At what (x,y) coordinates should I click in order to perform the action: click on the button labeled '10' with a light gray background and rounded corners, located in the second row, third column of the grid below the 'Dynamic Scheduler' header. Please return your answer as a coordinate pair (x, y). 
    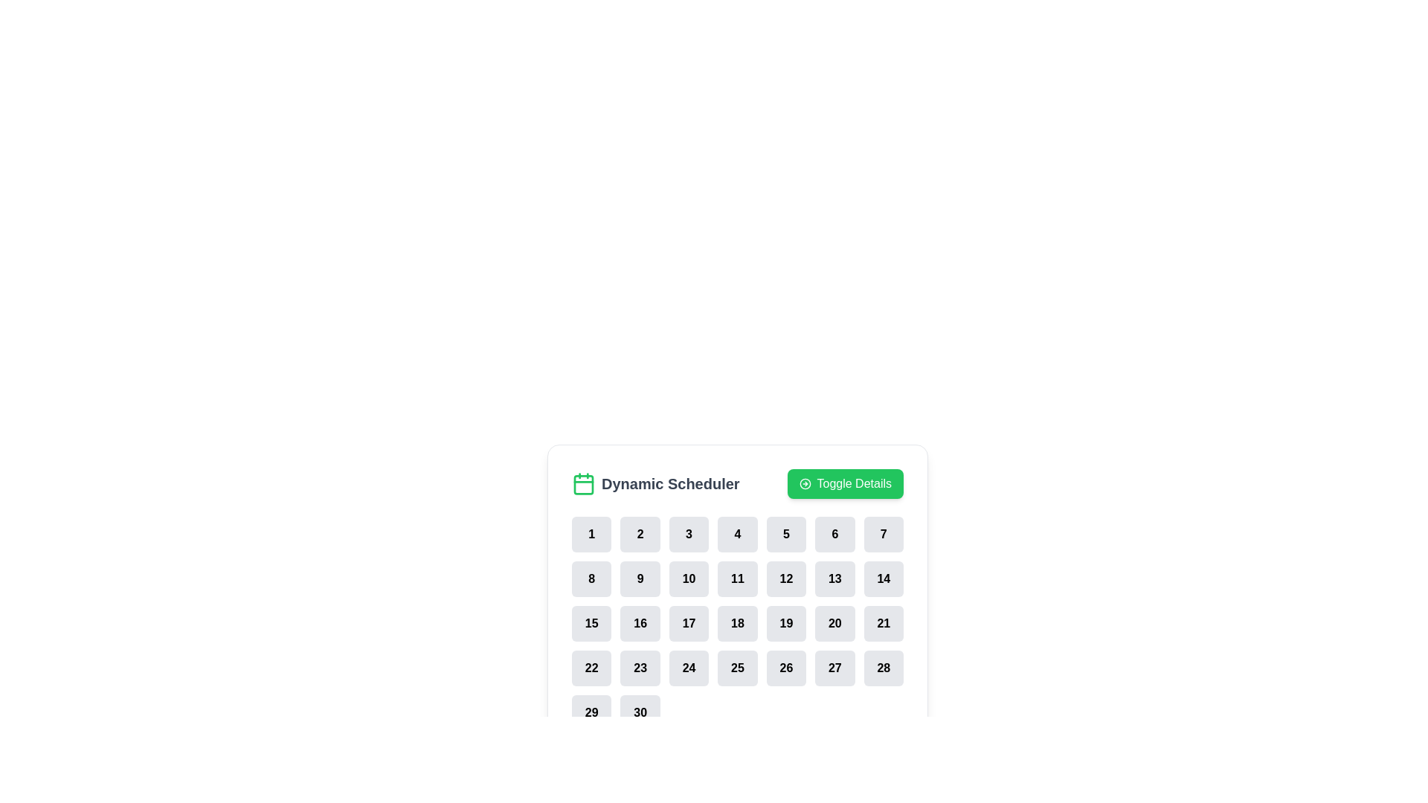
    Looking at the image, I should click on (688, 578).